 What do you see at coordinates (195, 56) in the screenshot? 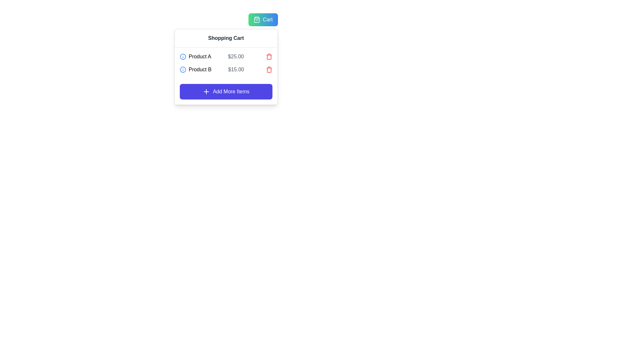
I see `the first product name text label in the shopping cart, located above the entry for 'Product B'` at bounding box center [195, 56].